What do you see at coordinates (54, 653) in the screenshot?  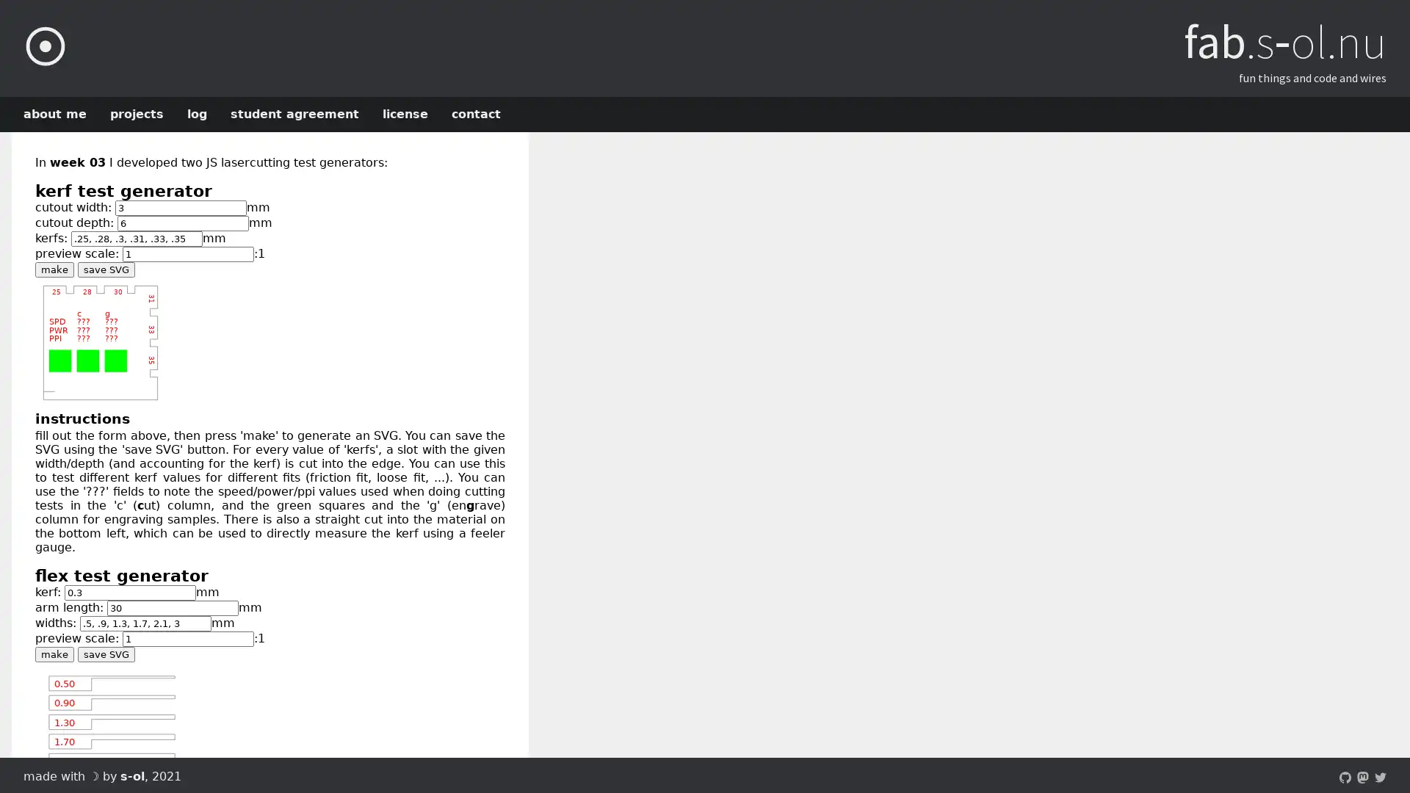 I see `make` at bounding box center [54, 653].